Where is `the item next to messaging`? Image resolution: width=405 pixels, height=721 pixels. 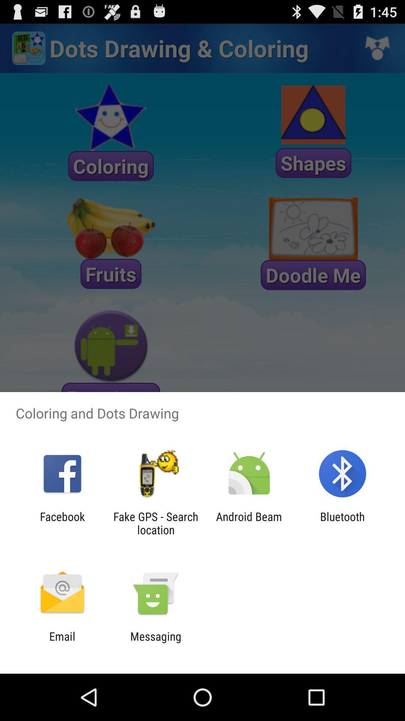 the item next to messaging is located at coordinates (62, 643).